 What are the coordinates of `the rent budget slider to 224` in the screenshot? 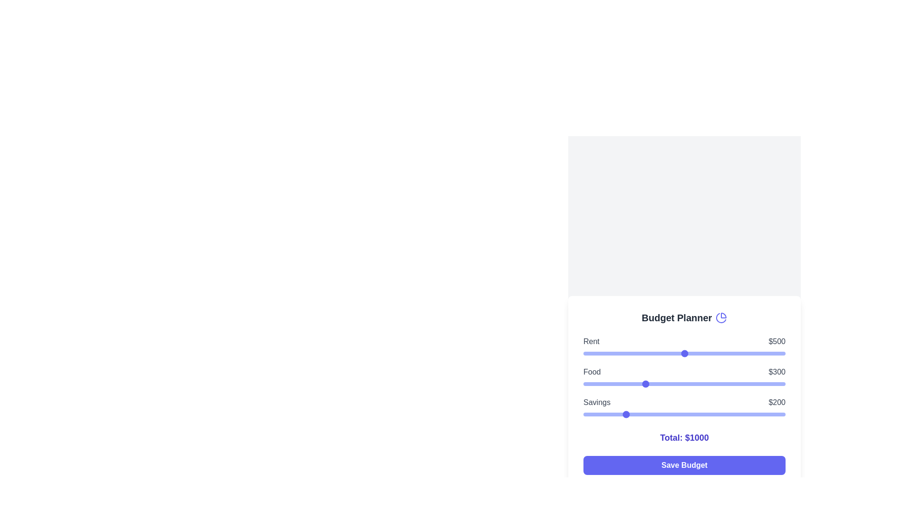 It's located at (629, 354).